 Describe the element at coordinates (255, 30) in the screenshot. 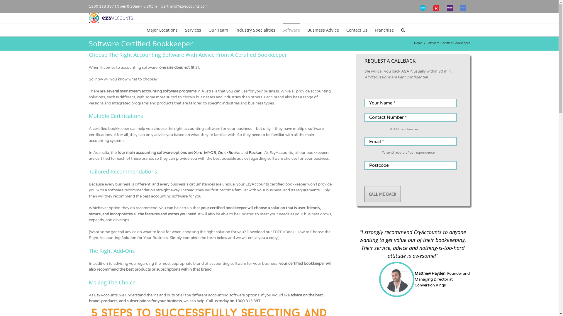

I see `'Industry Specialities'` at that location.